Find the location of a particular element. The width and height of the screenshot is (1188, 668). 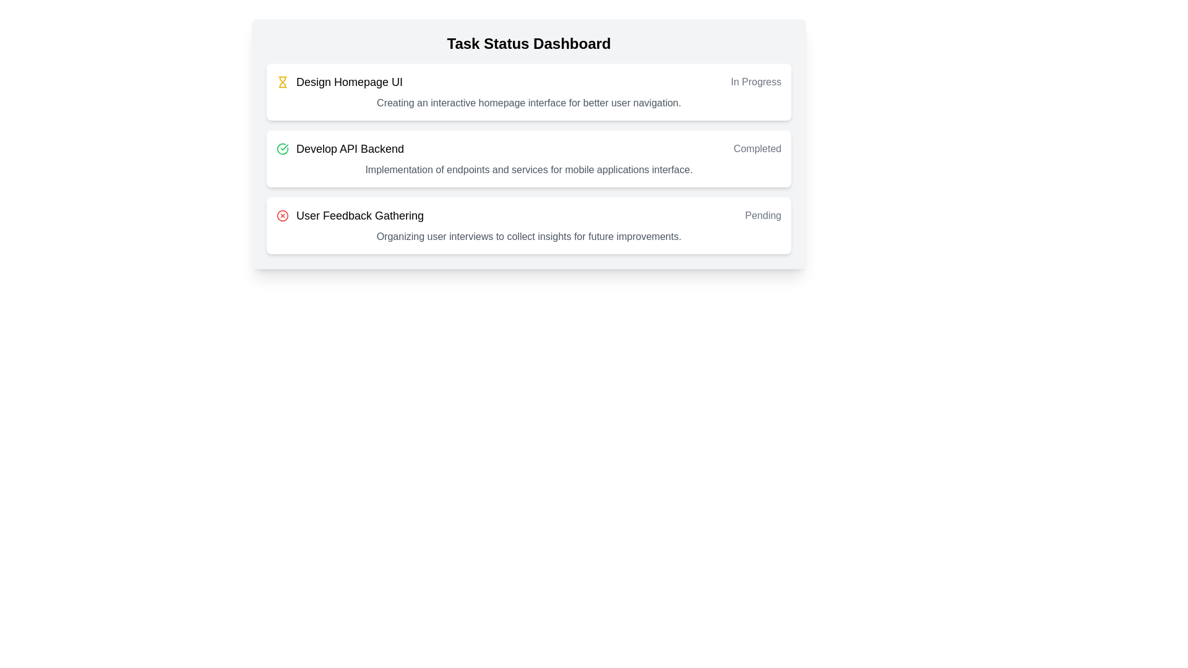

text label displaying 'Develop API Backend', which is styled in bold font and located under the 'Task Status Dashboard' header is located at coordinates (350, 148).